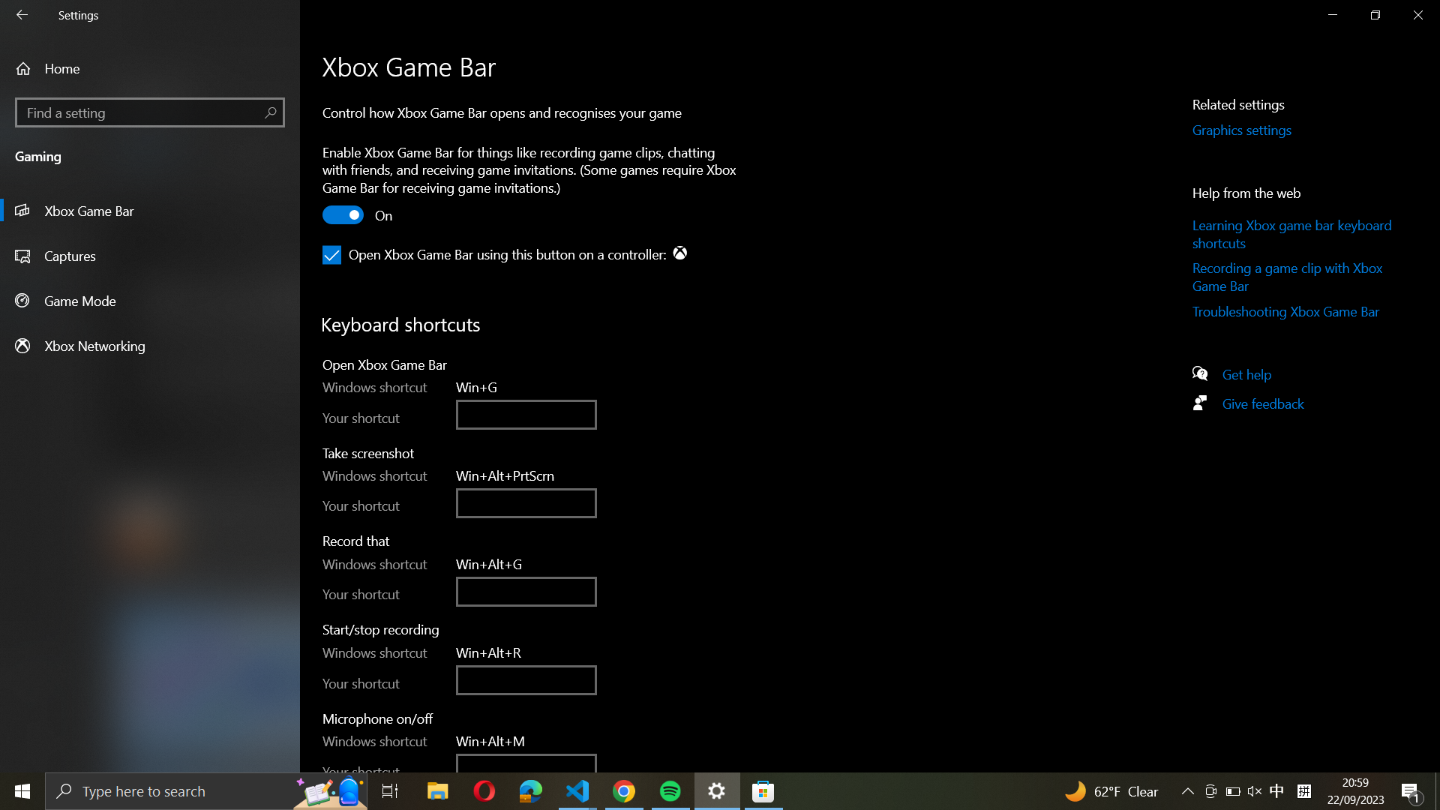 Image resolution: width=1440 pixels, height=810 pixels. What do you see at coordinates (1294, 234) in the screenshot?
I see `the Learning Xbox Game Bar Keyboard Shortcuts page` at bounding box center [1294, 234].